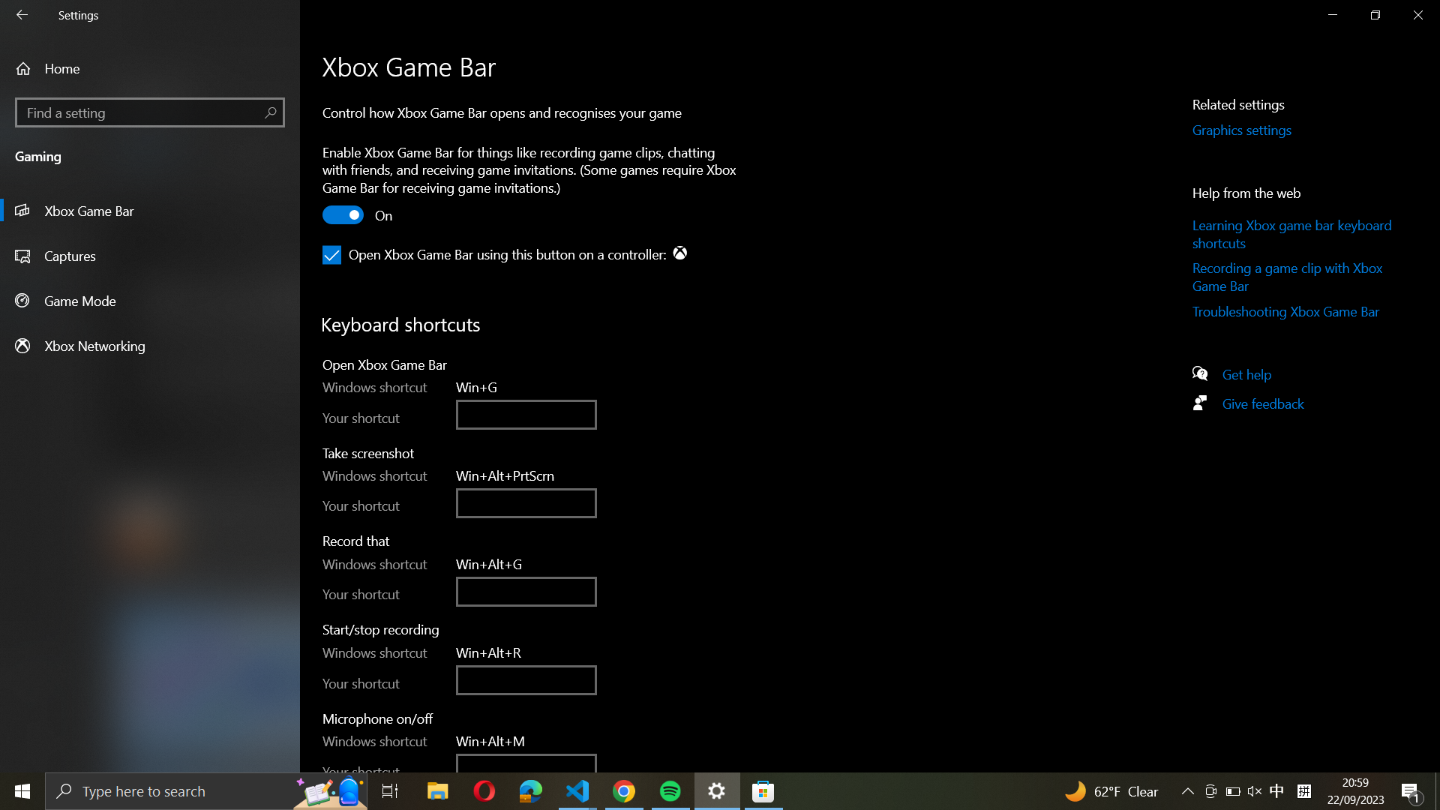 Image resolution: width=1440 pixels, height=810 pixels. What do you see at coordinates (1294, 234) in the screenshot?
I see `the Learning Xbox Game Bar Keyboard Shortcuts page` at bounding box center [1294, 234].